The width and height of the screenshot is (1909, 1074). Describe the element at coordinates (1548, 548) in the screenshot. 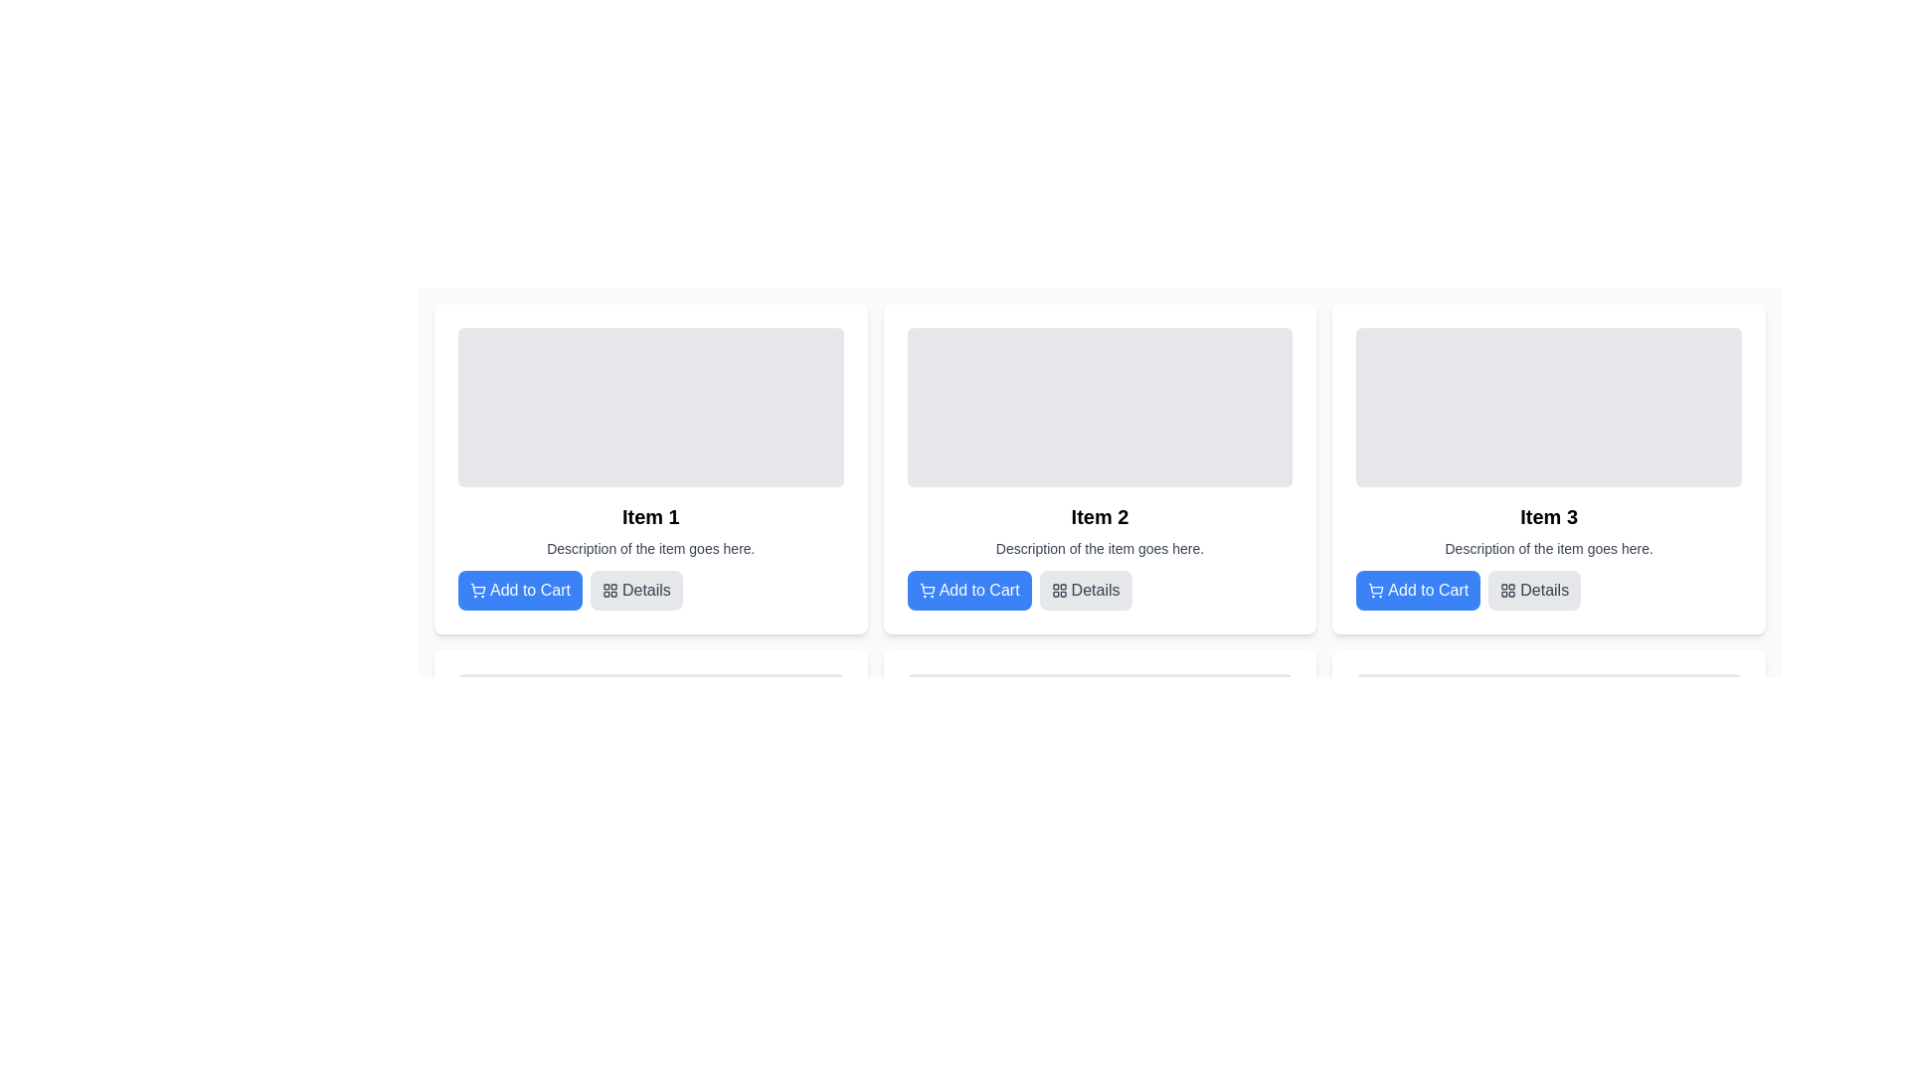

I see `the Text Display element for 'Item 3', located below its title and above the 'Add to Cart' and 'Details' buttons` at that location.